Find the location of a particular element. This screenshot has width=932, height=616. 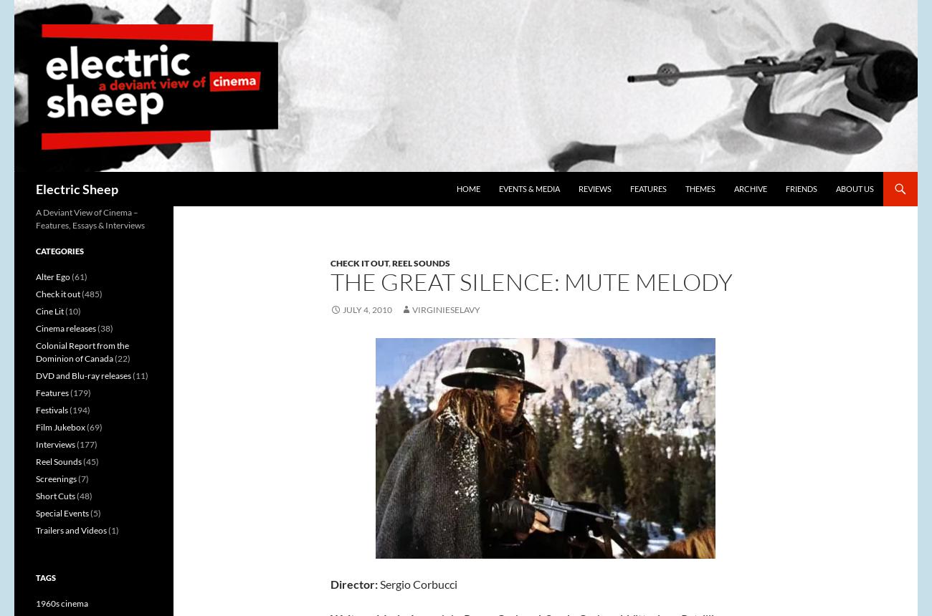

'Electric Sheep' is located at coordinates (77, 189).